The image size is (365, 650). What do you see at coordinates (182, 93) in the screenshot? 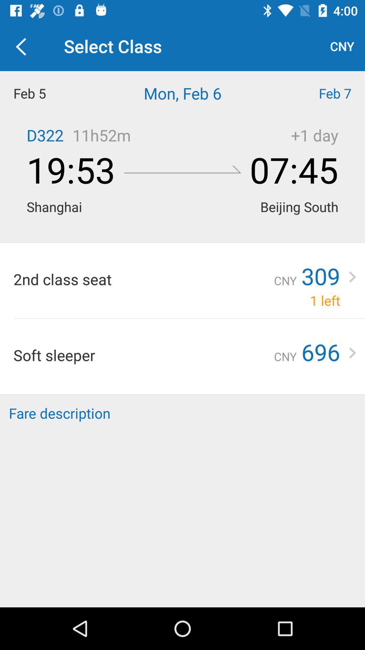
I see `the item next to the feb 7 item` at bounding box center [182, 93].